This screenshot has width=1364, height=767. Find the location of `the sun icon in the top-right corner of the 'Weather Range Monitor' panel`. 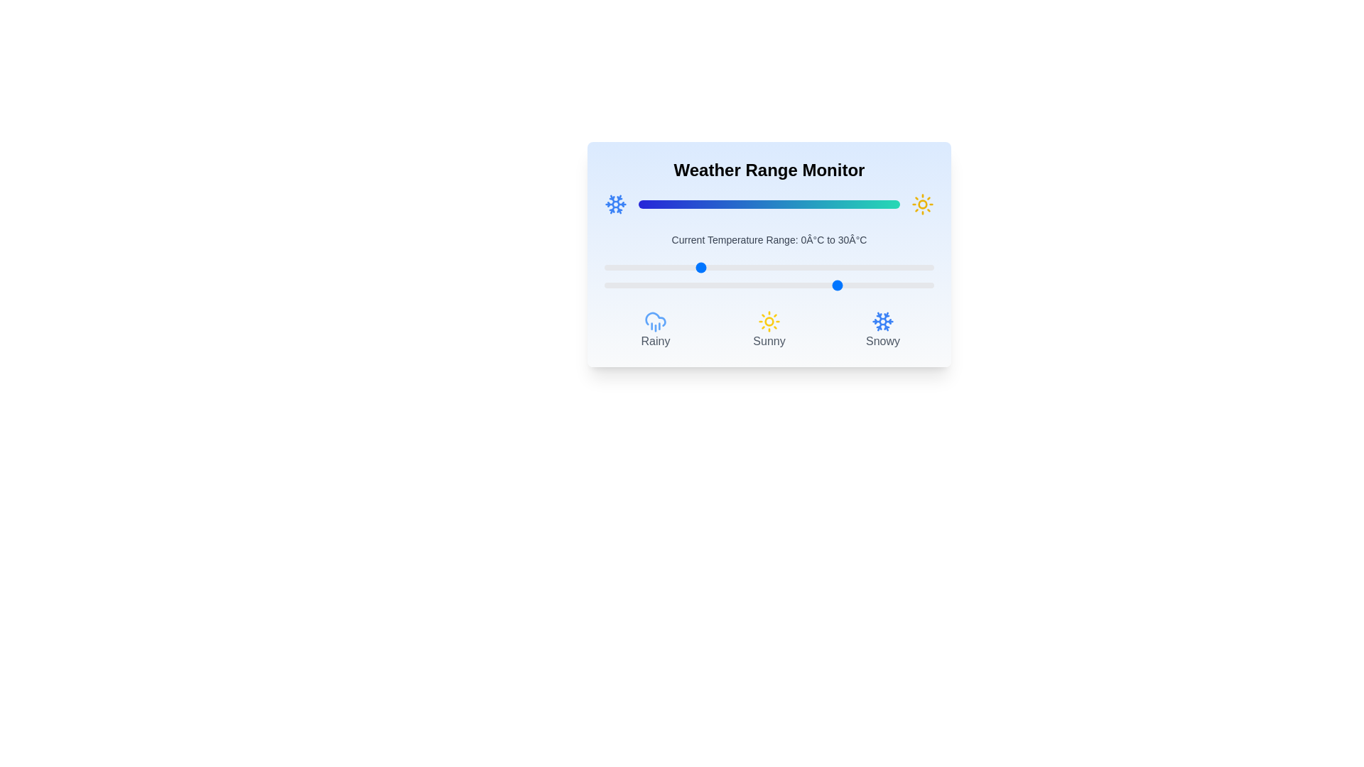

the sun icon in the top-right corner of the 'Weather Range Monitor' panel is located at coordinates (923, 205).